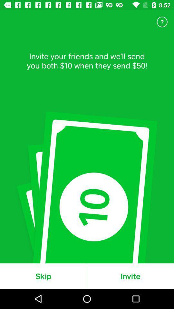 The width and height of the screenshot is (174, 309). I want to click on item at the bottom left corner, so click(43, 276).